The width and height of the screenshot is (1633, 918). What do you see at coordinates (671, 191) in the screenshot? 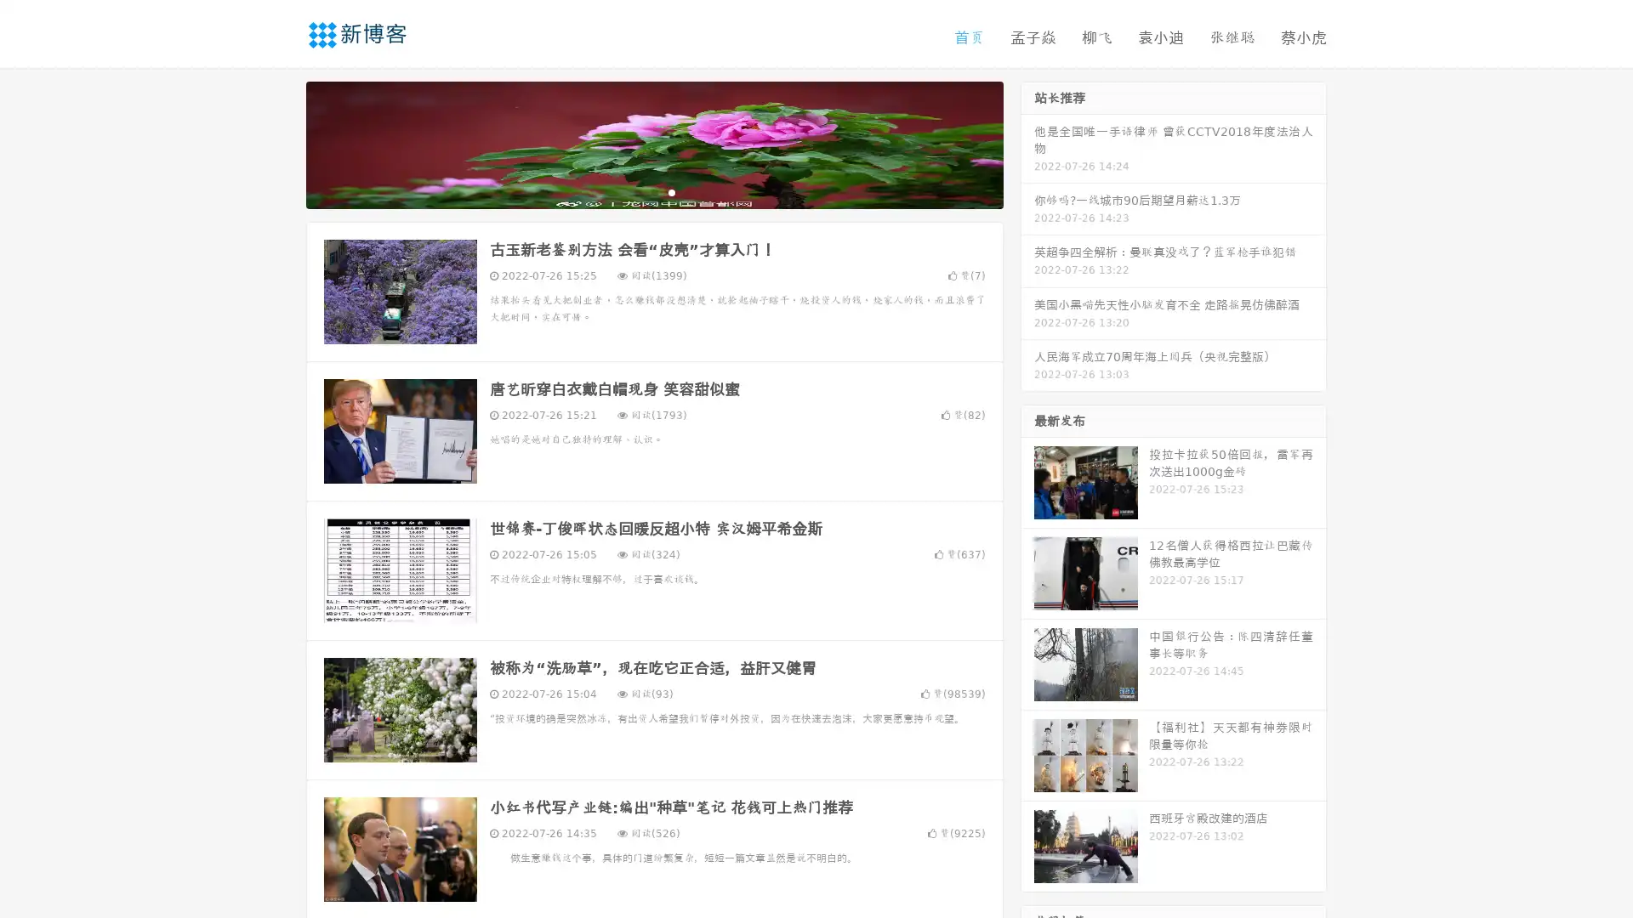
I see `Go to slide 3` at bounding box center [671, 191].